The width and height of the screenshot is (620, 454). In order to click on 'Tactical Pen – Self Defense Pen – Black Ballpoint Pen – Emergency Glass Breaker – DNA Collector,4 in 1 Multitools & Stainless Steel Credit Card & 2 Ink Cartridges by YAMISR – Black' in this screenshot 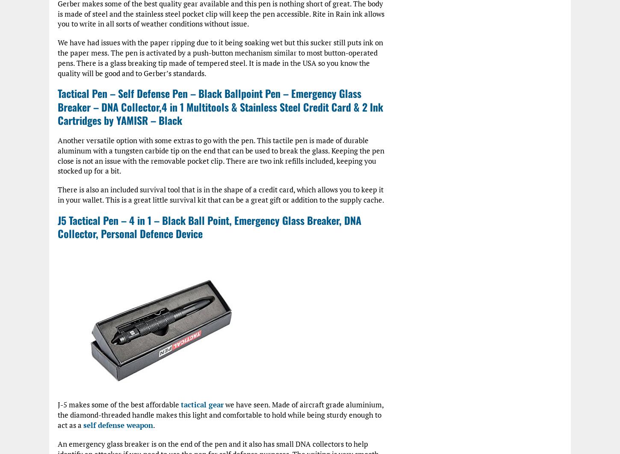, I will do `click(220, 106)`.